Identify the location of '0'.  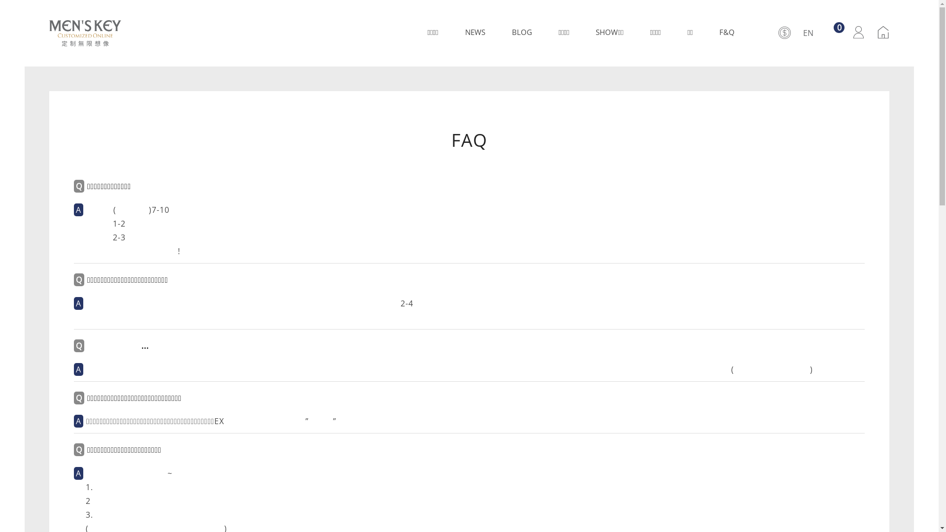
(833, 32).